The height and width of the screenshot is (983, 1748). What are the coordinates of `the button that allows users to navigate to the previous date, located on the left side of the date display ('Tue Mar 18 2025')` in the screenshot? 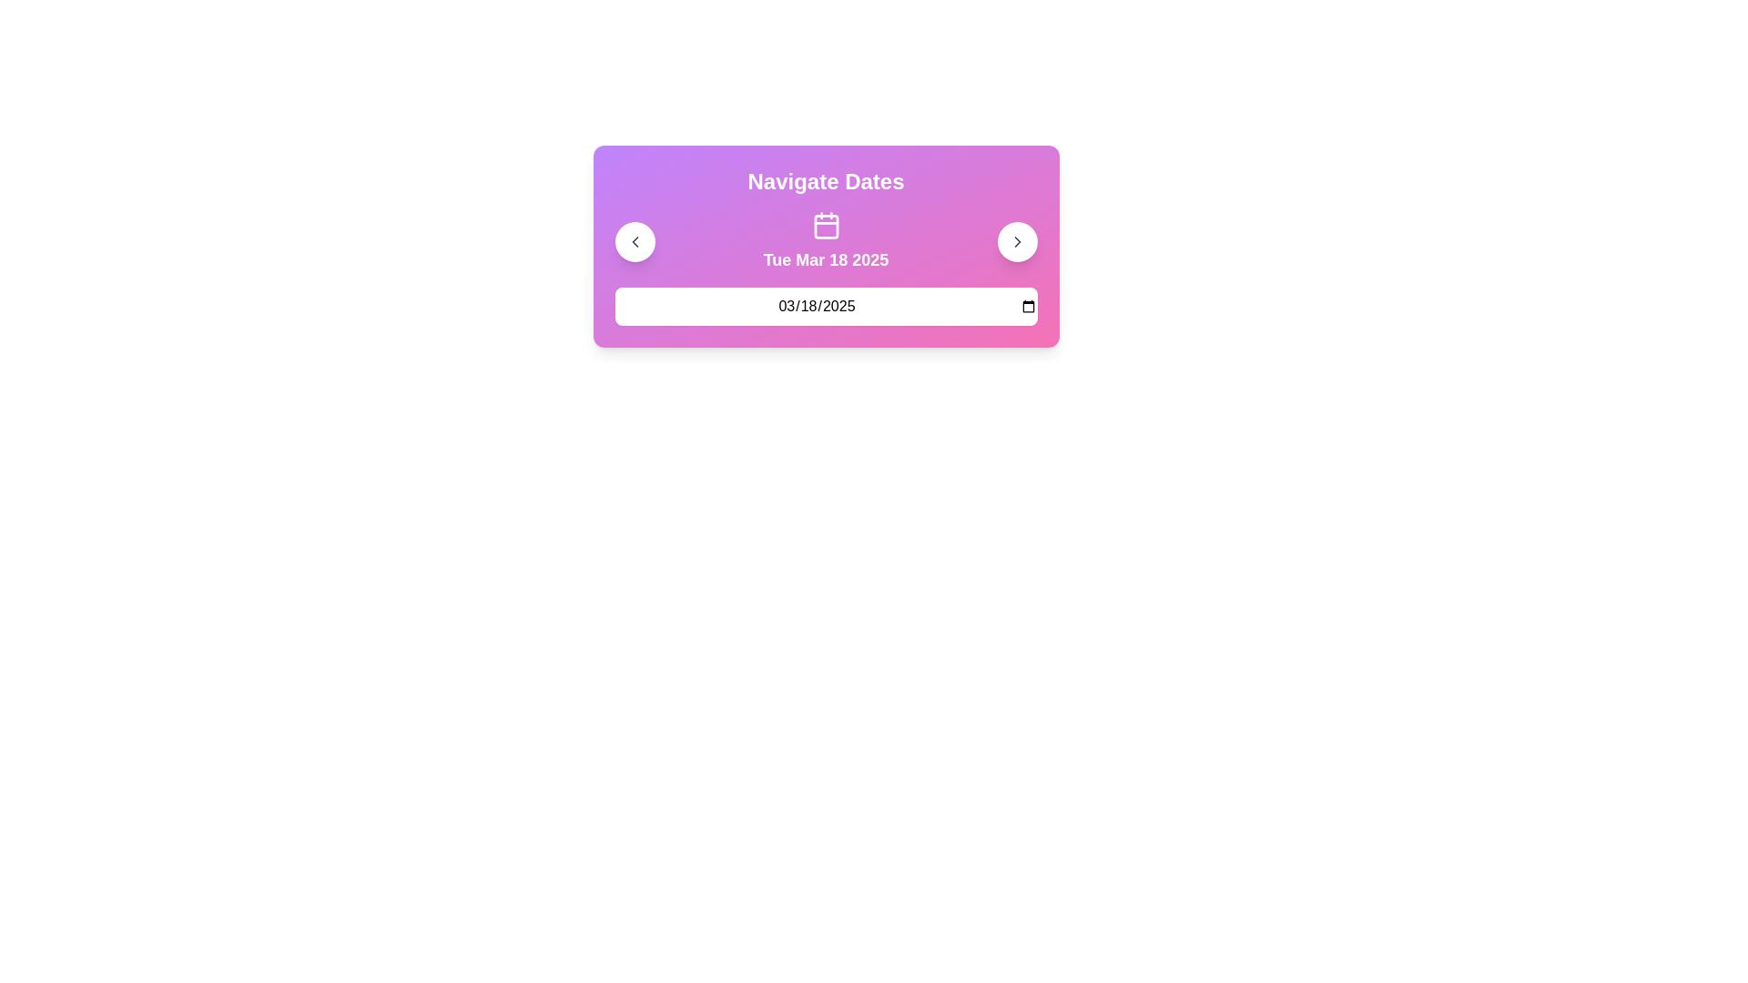 It's located at (635, 241).